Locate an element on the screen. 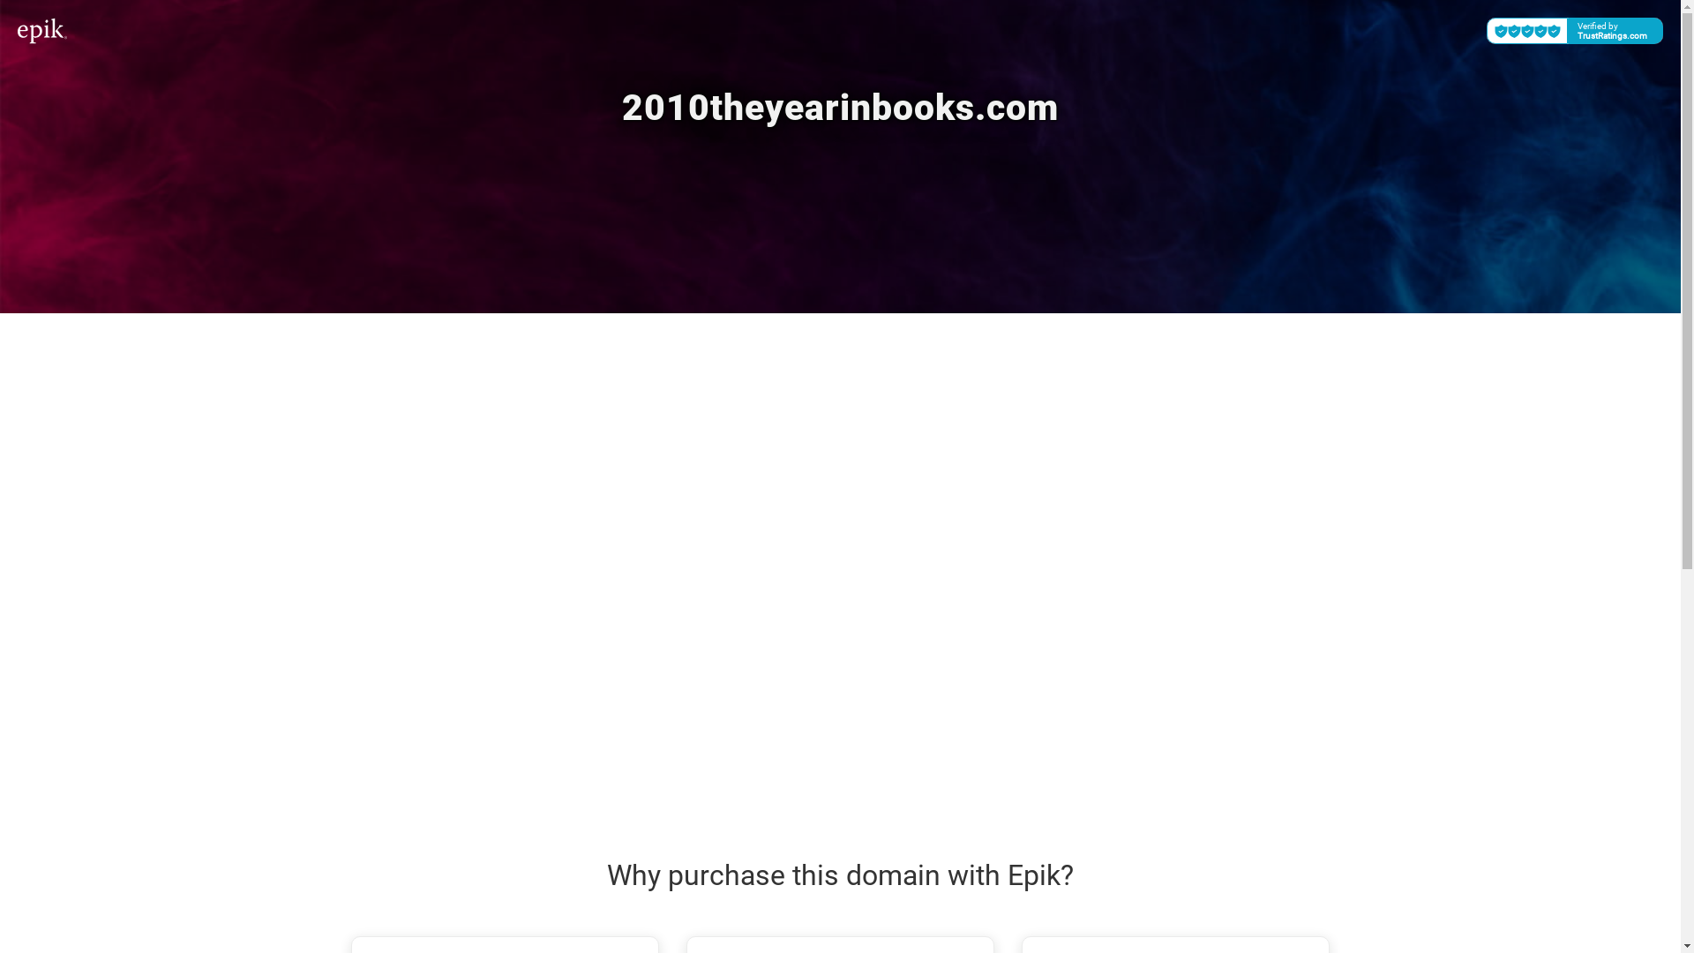 Image resolution: width=1694 pixels, height=953 pixels. 'Verified by TrustRatings.com' is located at coordinates (1575, 30).